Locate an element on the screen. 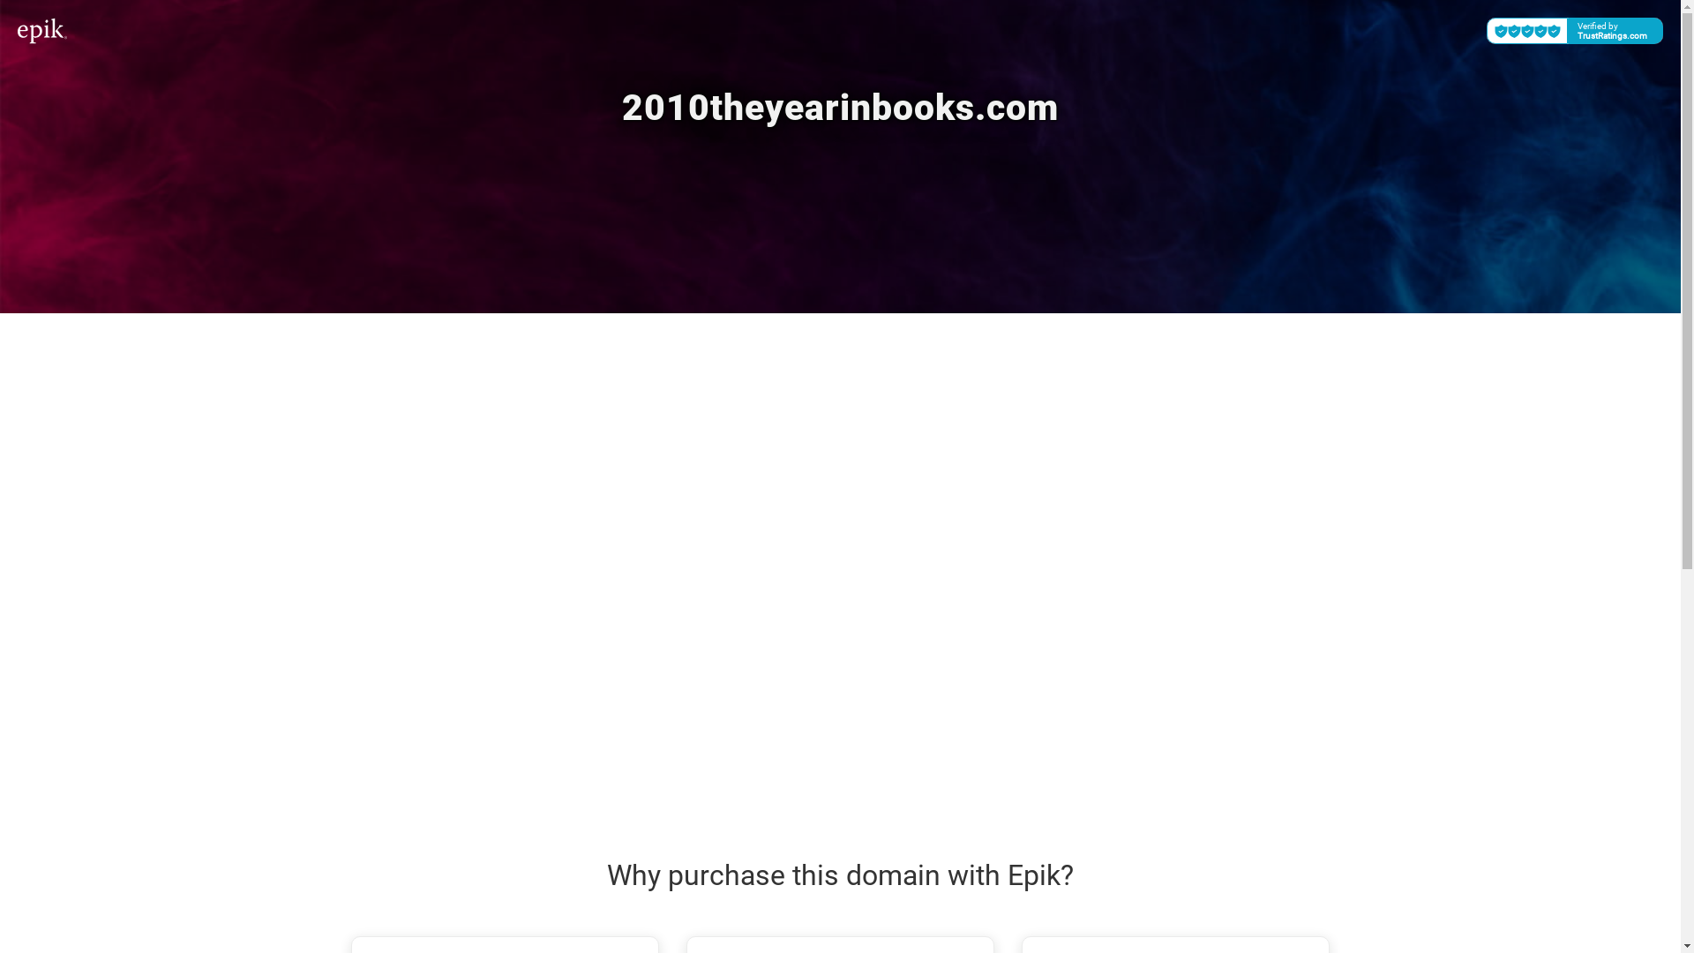 Image resolution: width=1694 pixels, height=953 pixels. 'Verified by TrustRatings.com' is located at coordinates (1575, 30).